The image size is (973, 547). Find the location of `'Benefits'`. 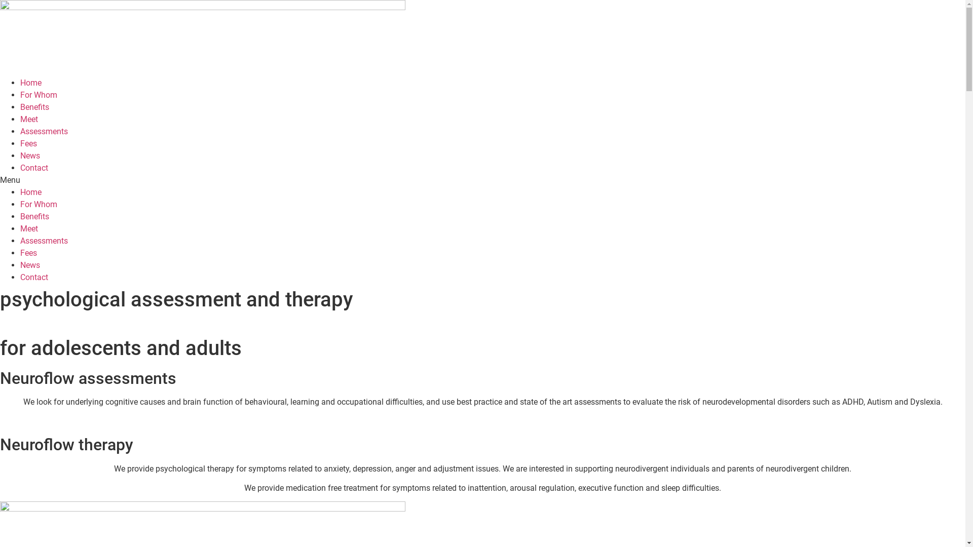

'Benefits' is located at coordinates (34, 107).